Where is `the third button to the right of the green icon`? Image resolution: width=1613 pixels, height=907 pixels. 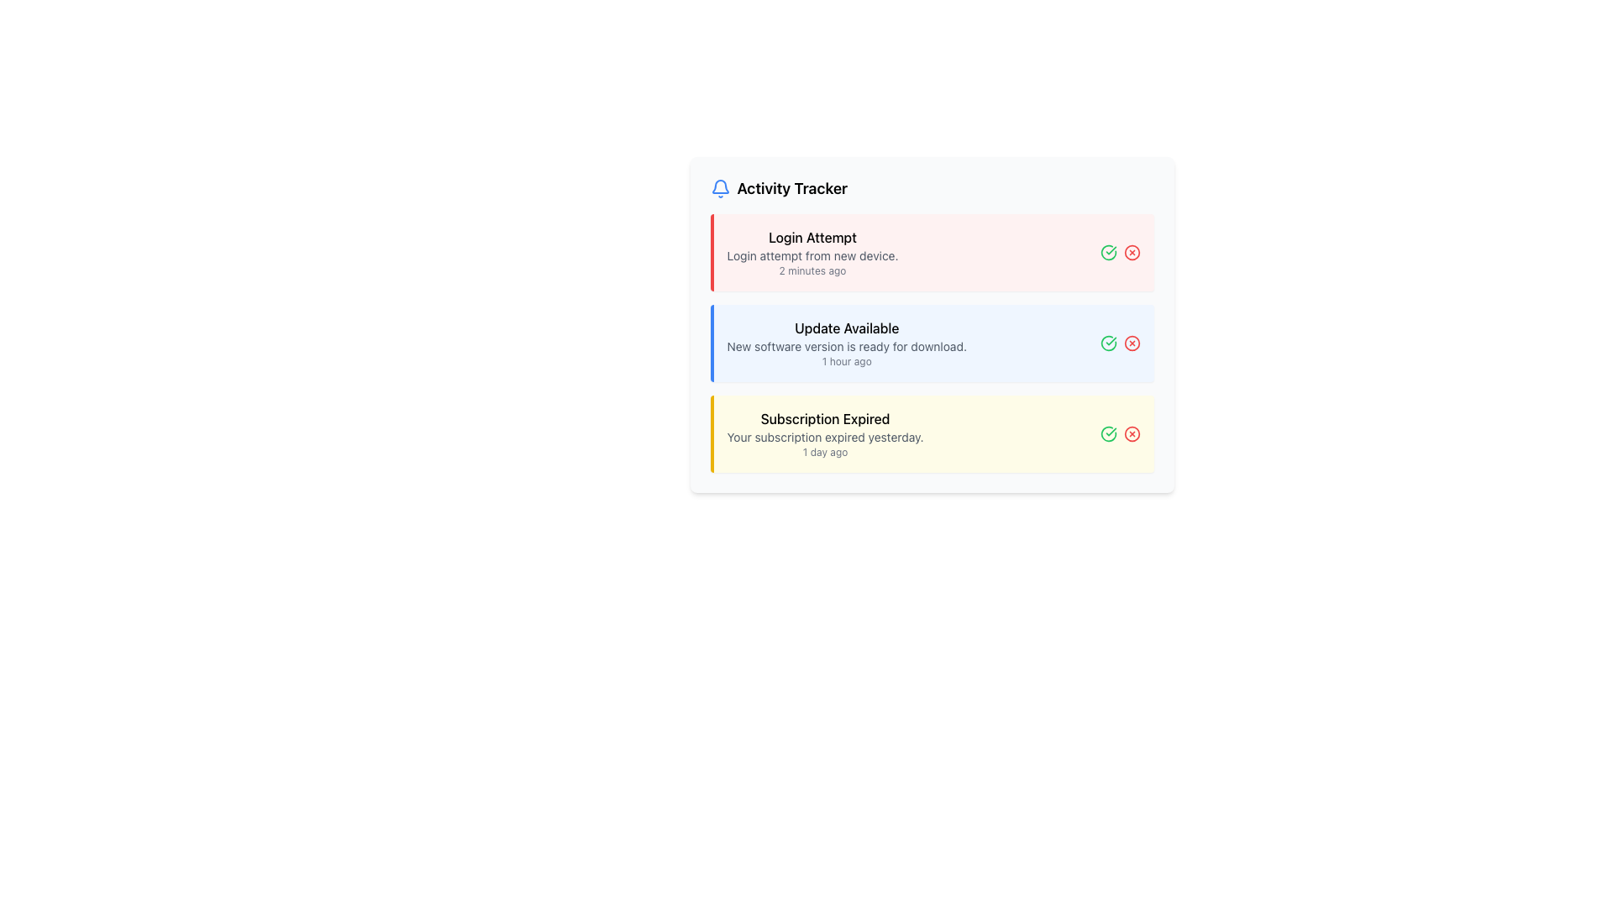 the third button to the right of the green icon is located at coordinates (1132, 252).